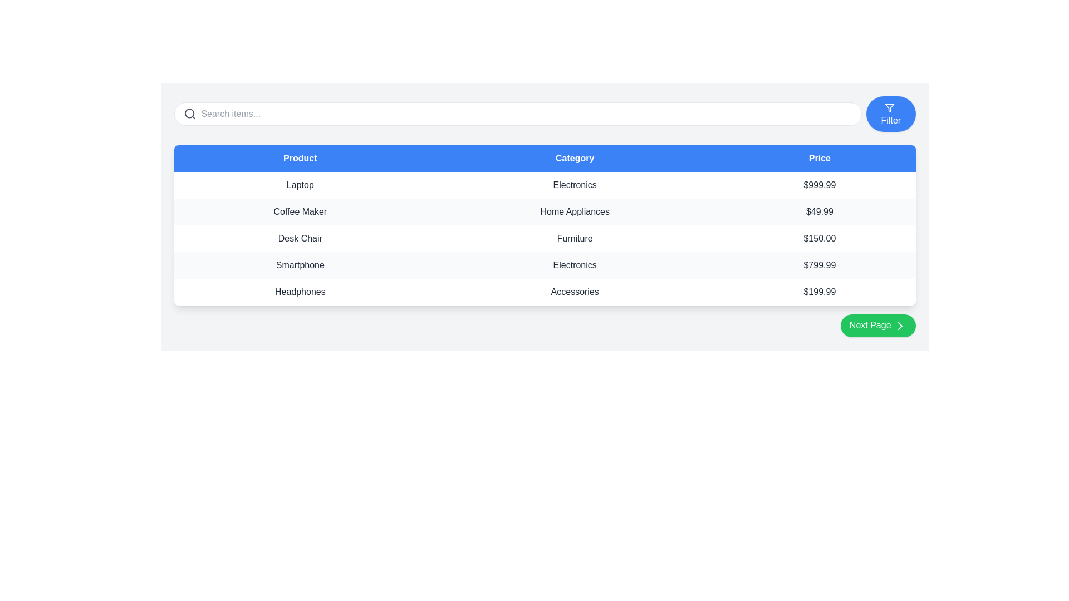 This screenshot has height=601, width=1069. I want to click on on the table header cell that indicates the product names, so click(300, 159).